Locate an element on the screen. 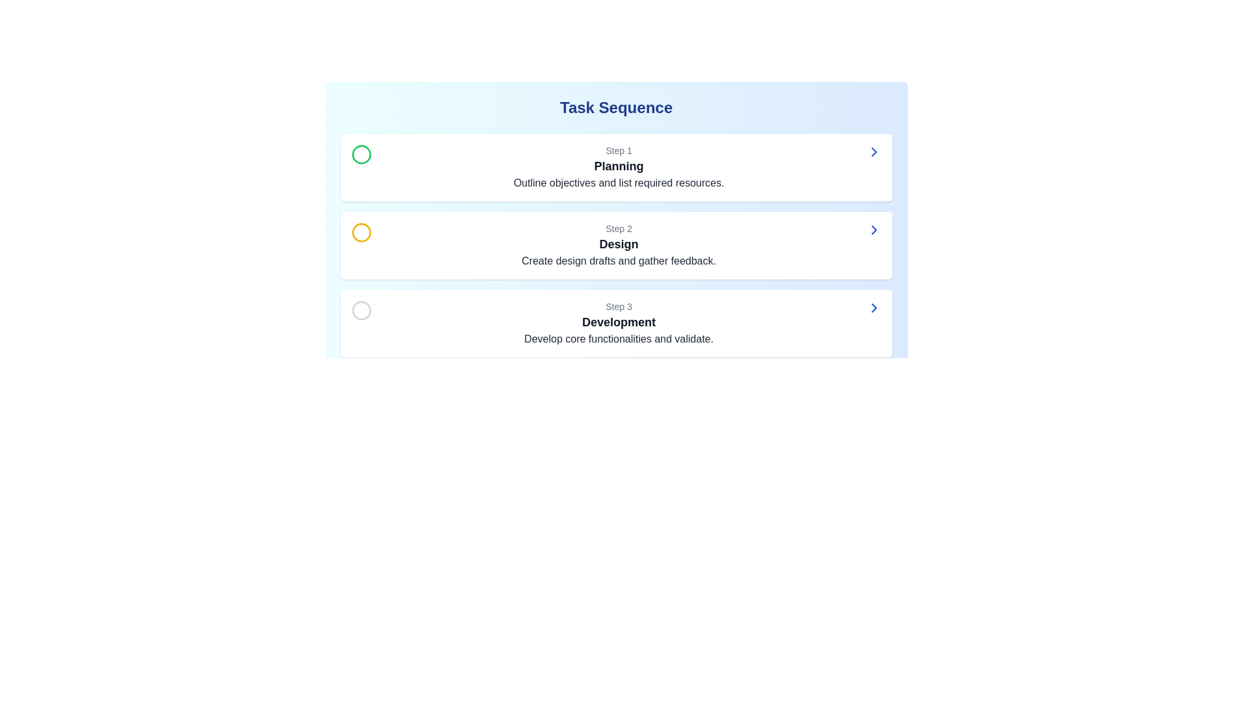 The width and height of the screenshot is (1249, 702). the text label that serves as the title for the first step of the task sequence, positioned below 'Step 1' and above the description 'Outline objectives and list required resources.' is located at coordinates (618, 165).